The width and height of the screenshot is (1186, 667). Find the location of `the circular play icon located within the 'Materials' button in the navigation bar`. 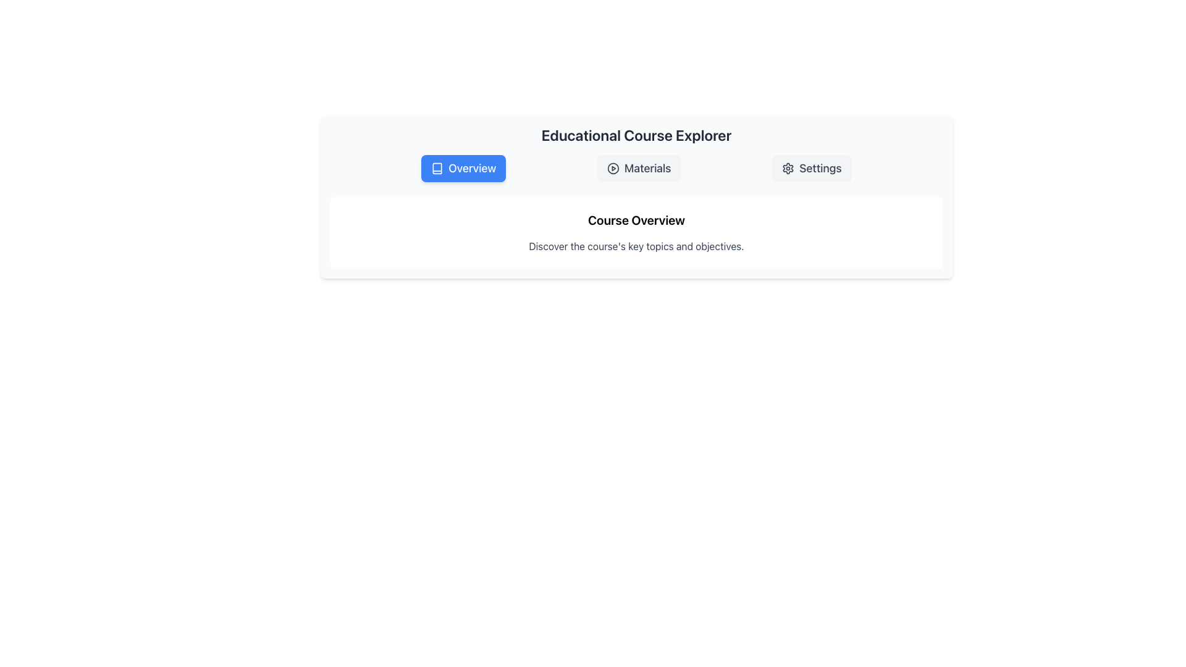

the circular play icon located within the 'Materials' button in the navigation bar is located at coordinates (613, 169).